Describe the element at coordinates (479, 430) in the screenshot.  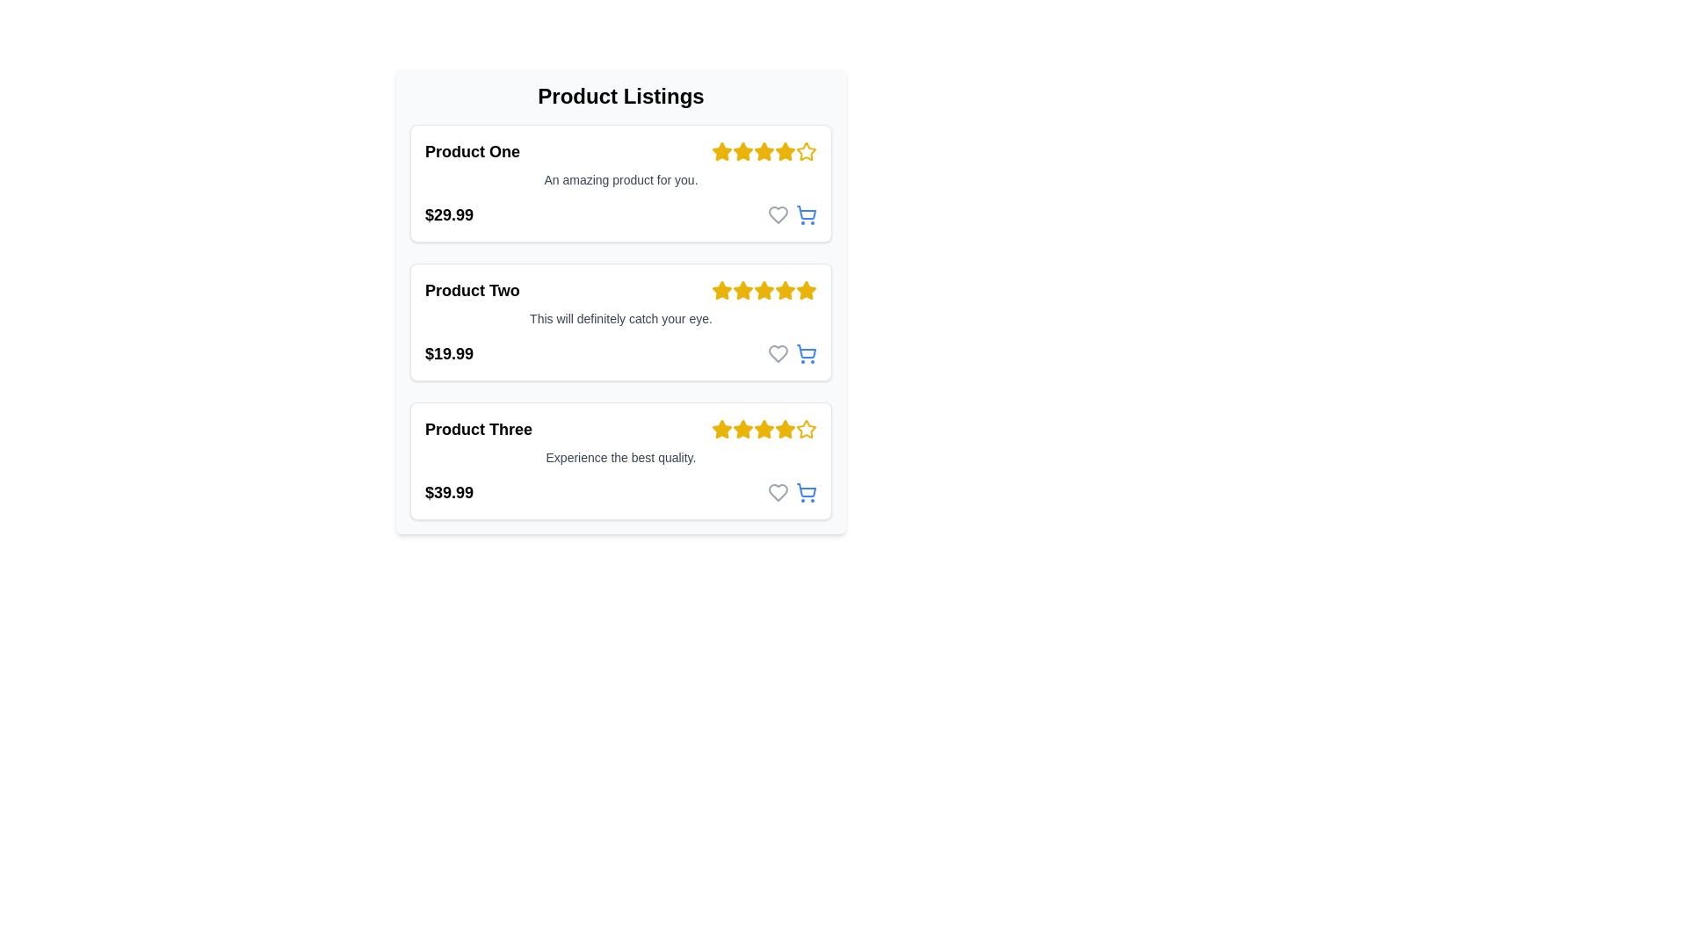
I see `the 'Product Three' label` at that location.